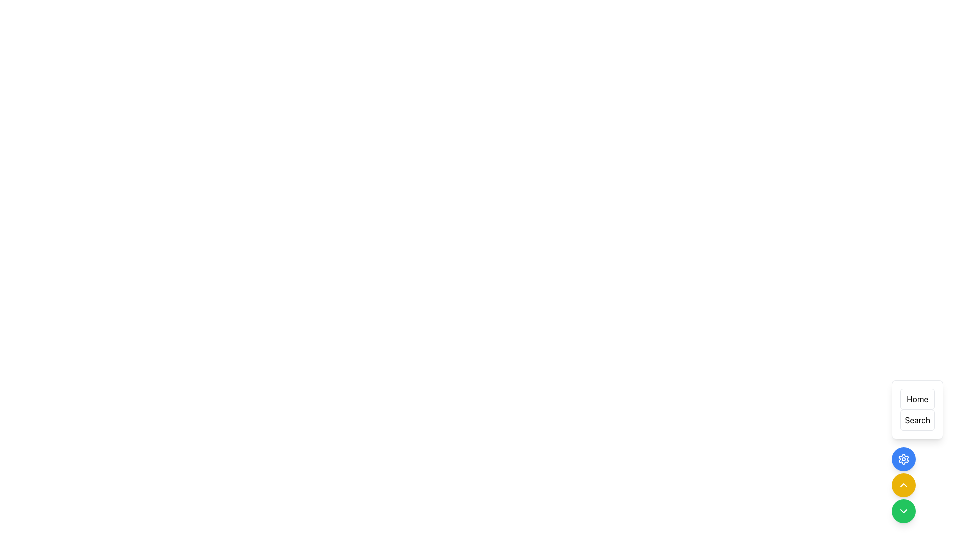  I want to click on the 'Search' text button located under the 'Home' button in the vertical list of text buttons, so click(917, 420).